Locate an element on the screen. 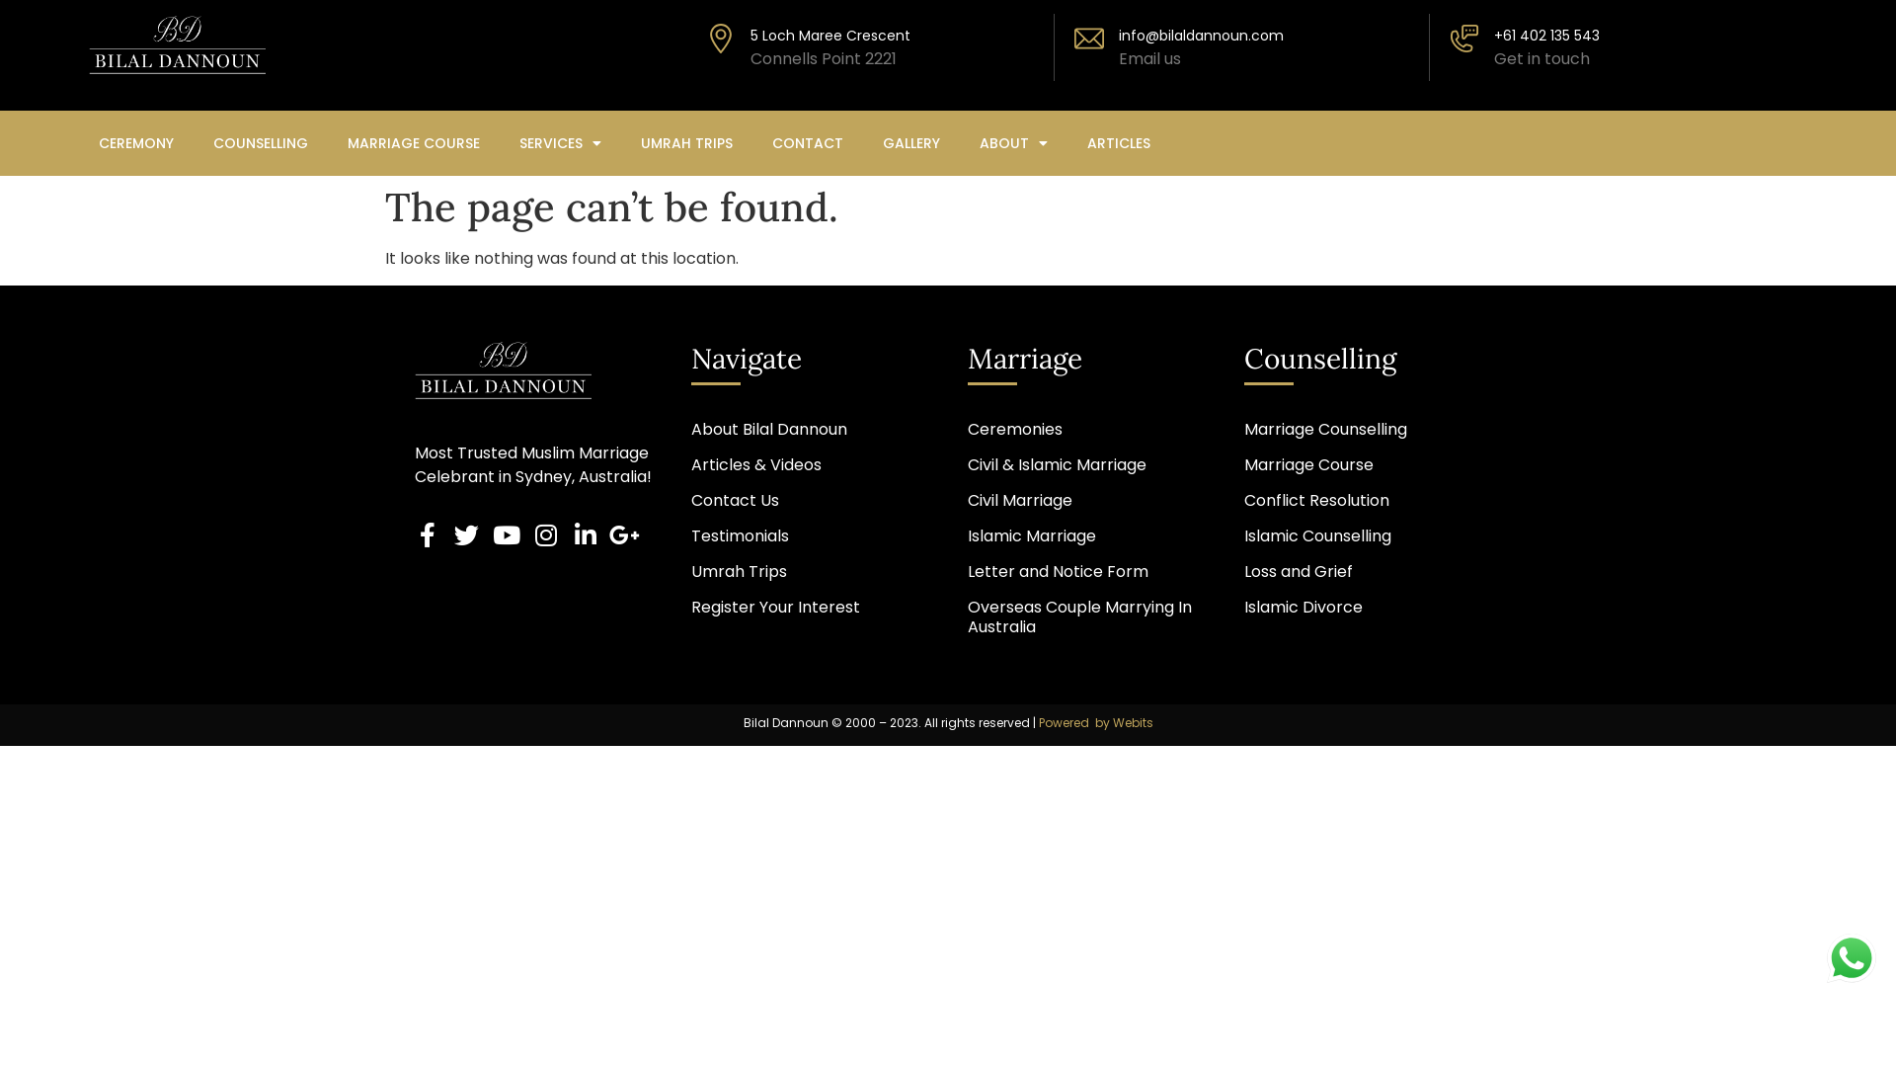  'Powered  by Webits' is located at coordinates (1094, 722).